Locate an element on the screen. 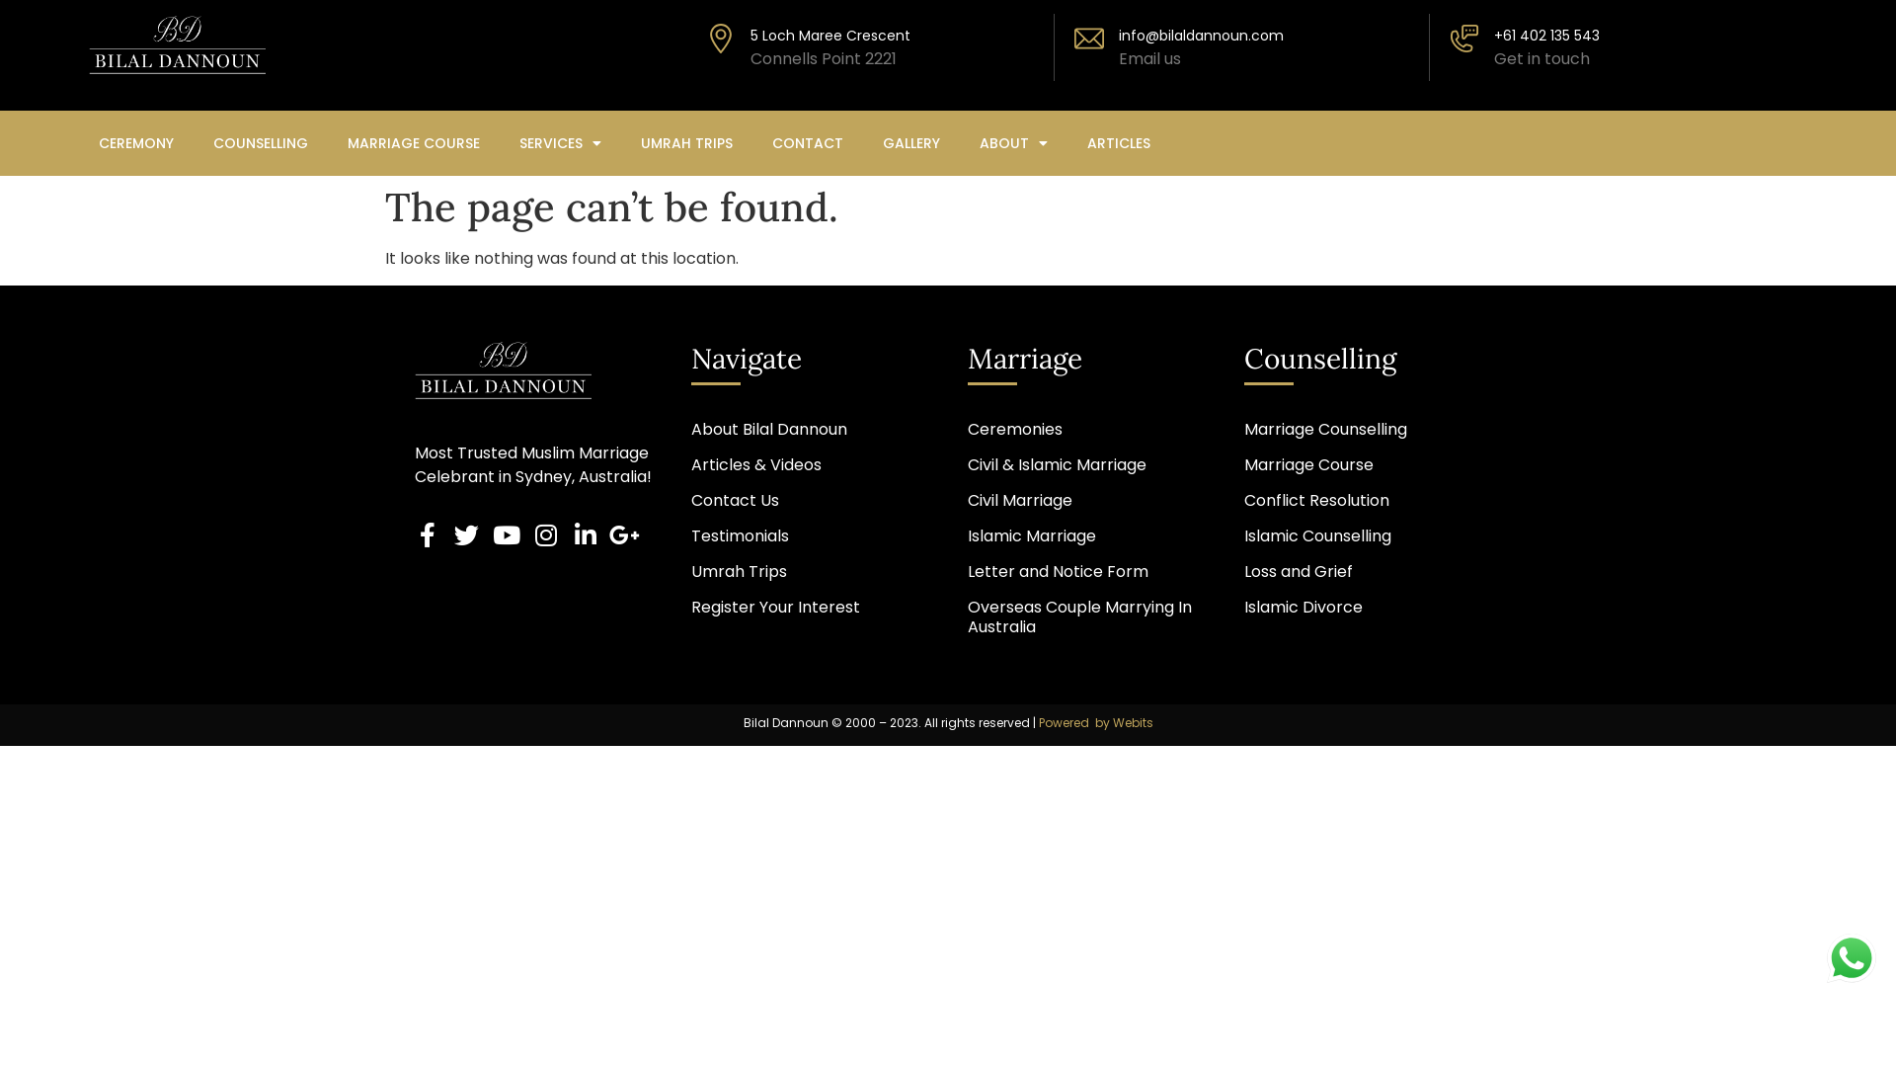  'Powered  by Webits' is located at coordinates (1094, 722).